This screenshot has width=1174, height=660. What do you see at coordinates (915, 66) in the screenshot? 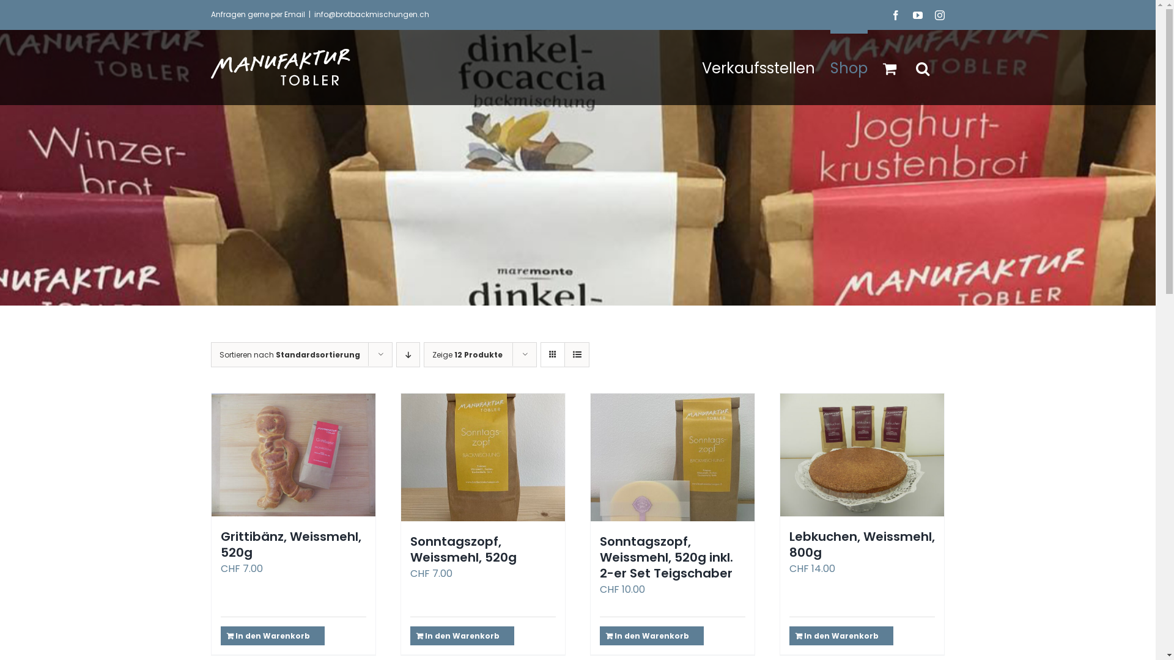
I see `'Suche'` at bounding box center [915, 66].